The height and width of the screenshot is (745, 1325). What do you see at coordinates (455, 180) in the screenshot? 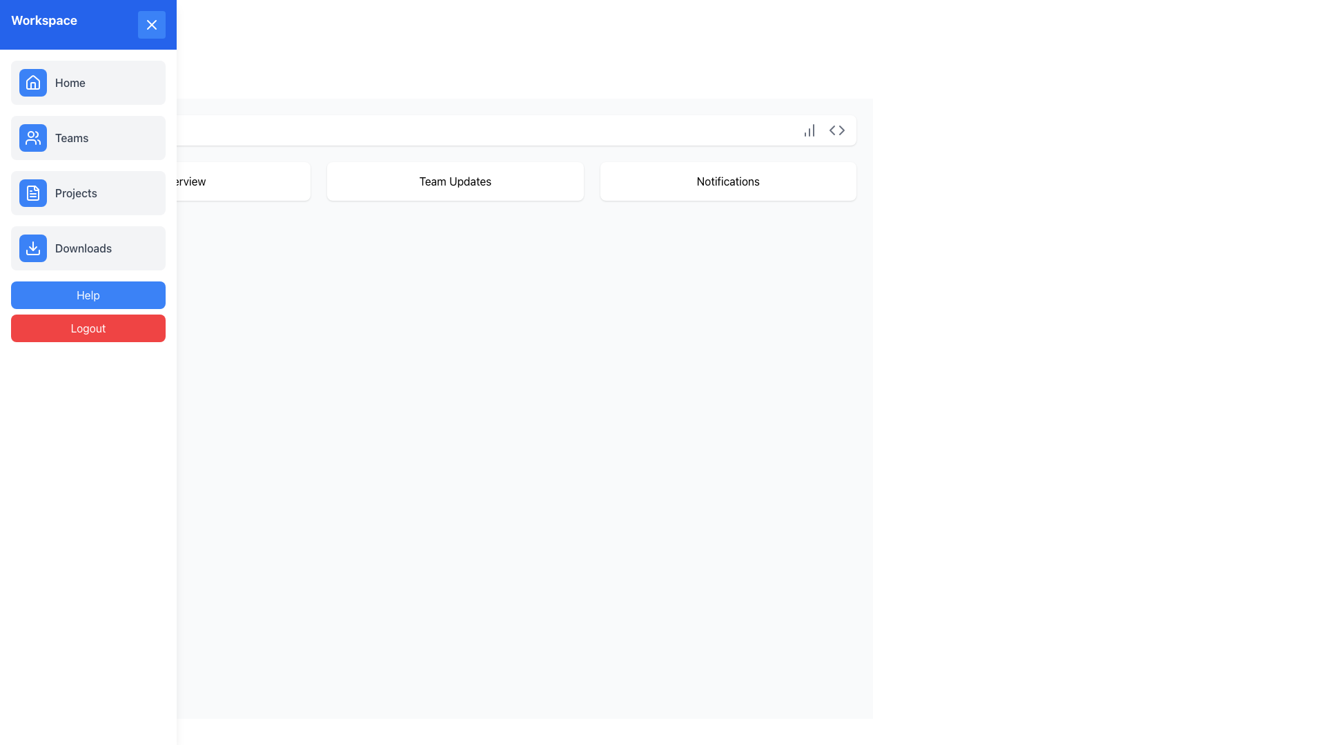
I see `to select the 'Team Updates' section in the horizontally arranged menu of three sections labeled 'Overview', 'Team Updates', and 'Notifications', located in the central top area of the interface` at bounding box center [455, 180].